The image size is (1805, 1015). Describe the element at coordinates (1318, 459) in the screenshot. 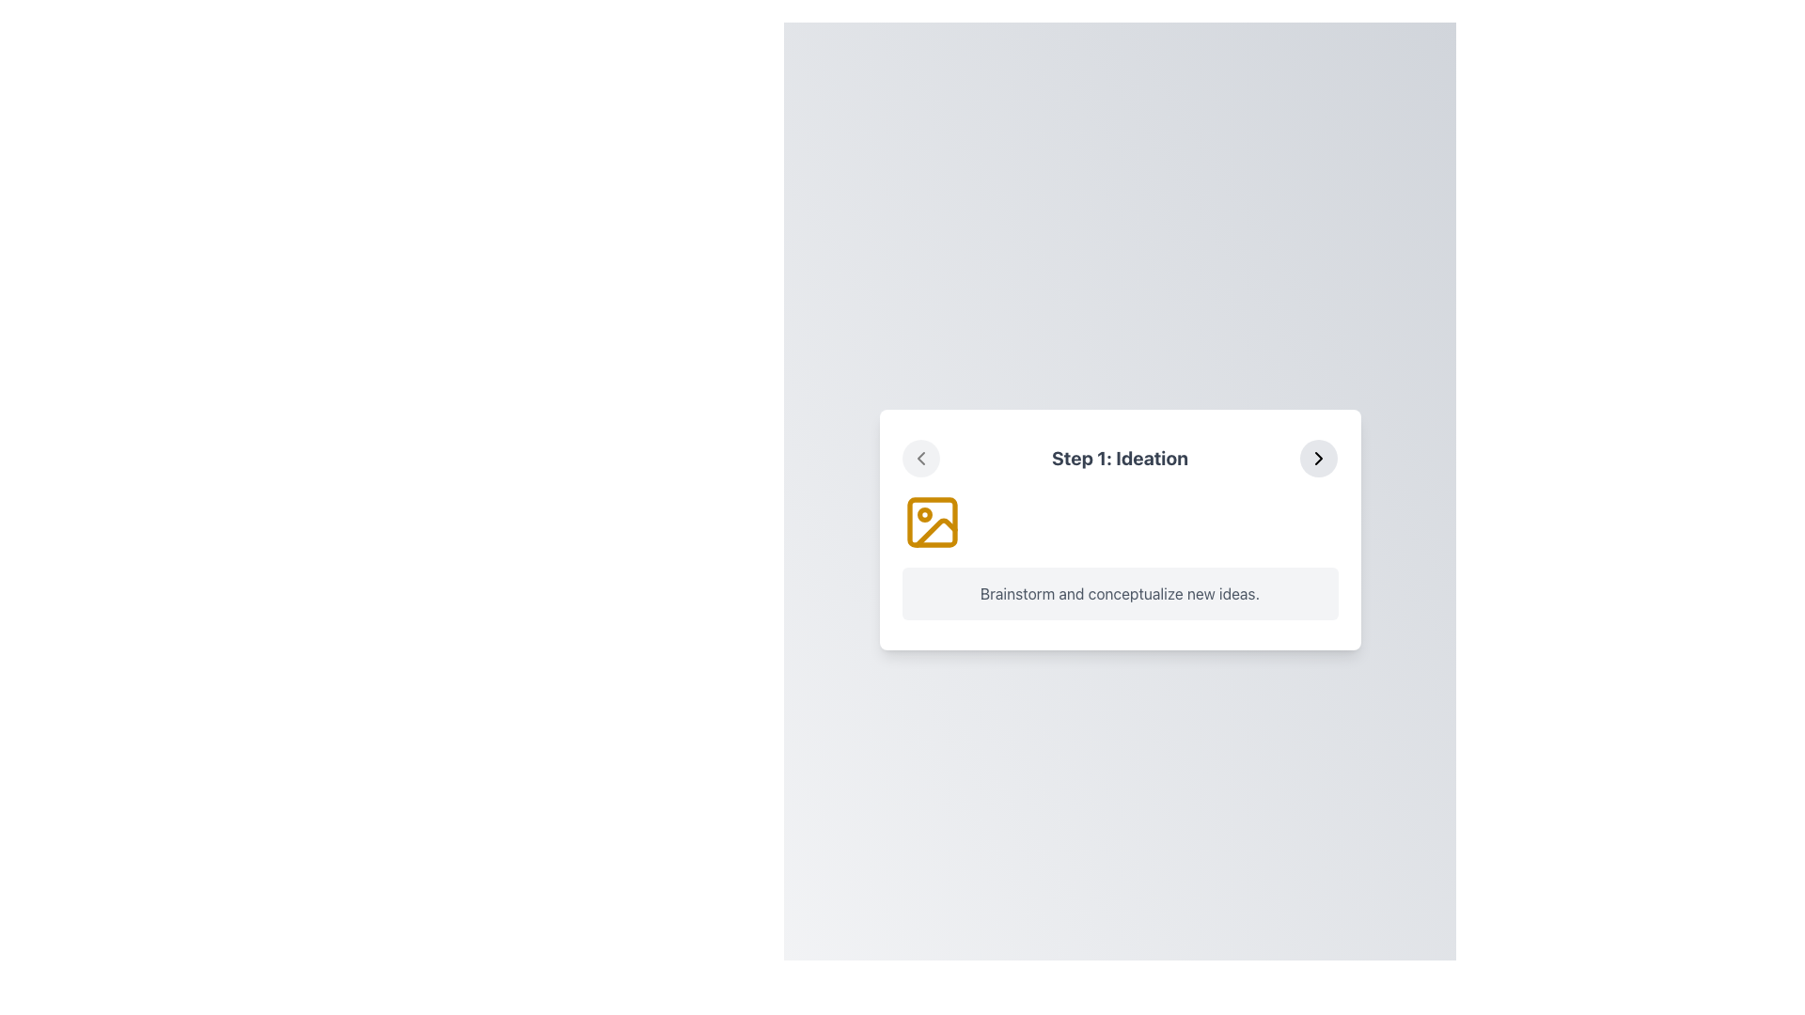

I see `the right-pointing chevron icon located in the upper-right corner of the interface` at that location.